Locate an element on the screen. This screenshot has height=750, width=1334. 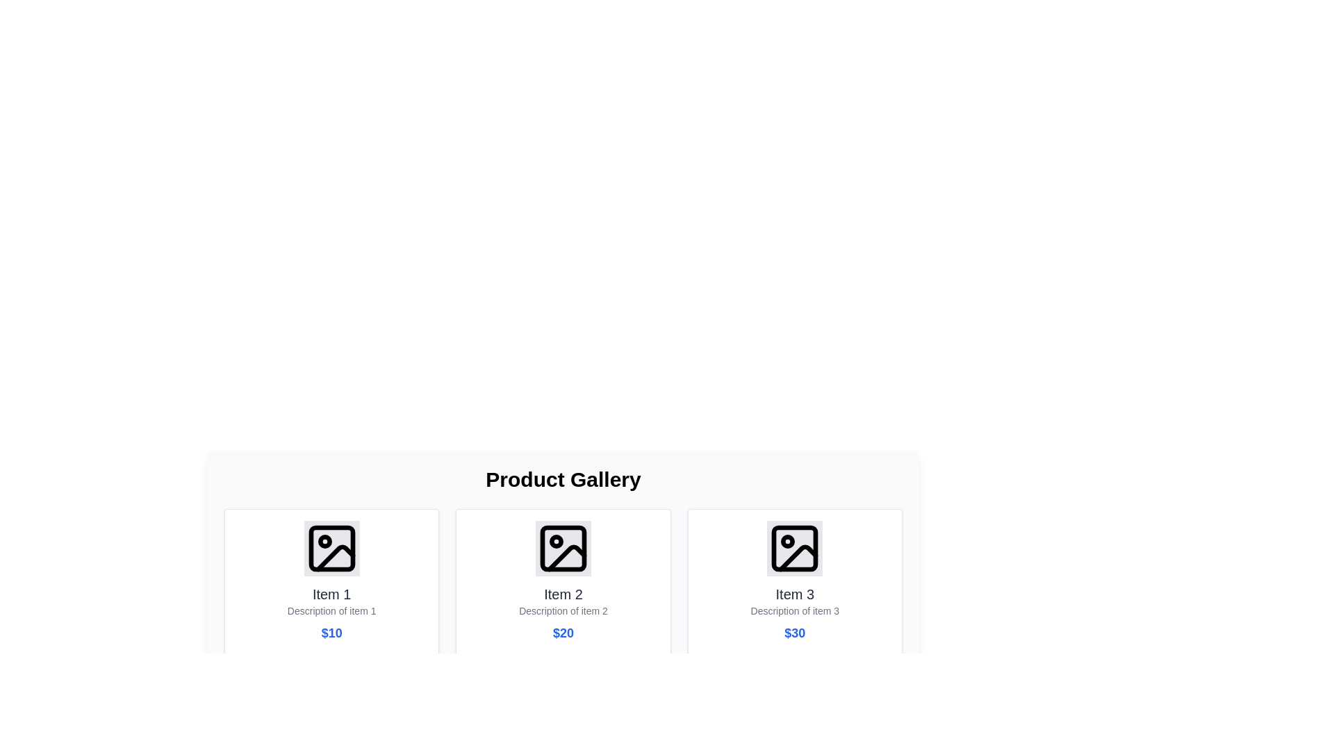
contents of the text label that provides a summary for 'Item 3' located in the product gallery, positioned below the title 'Item 3' and above the text '$30' is located at coordinates (795, 610).